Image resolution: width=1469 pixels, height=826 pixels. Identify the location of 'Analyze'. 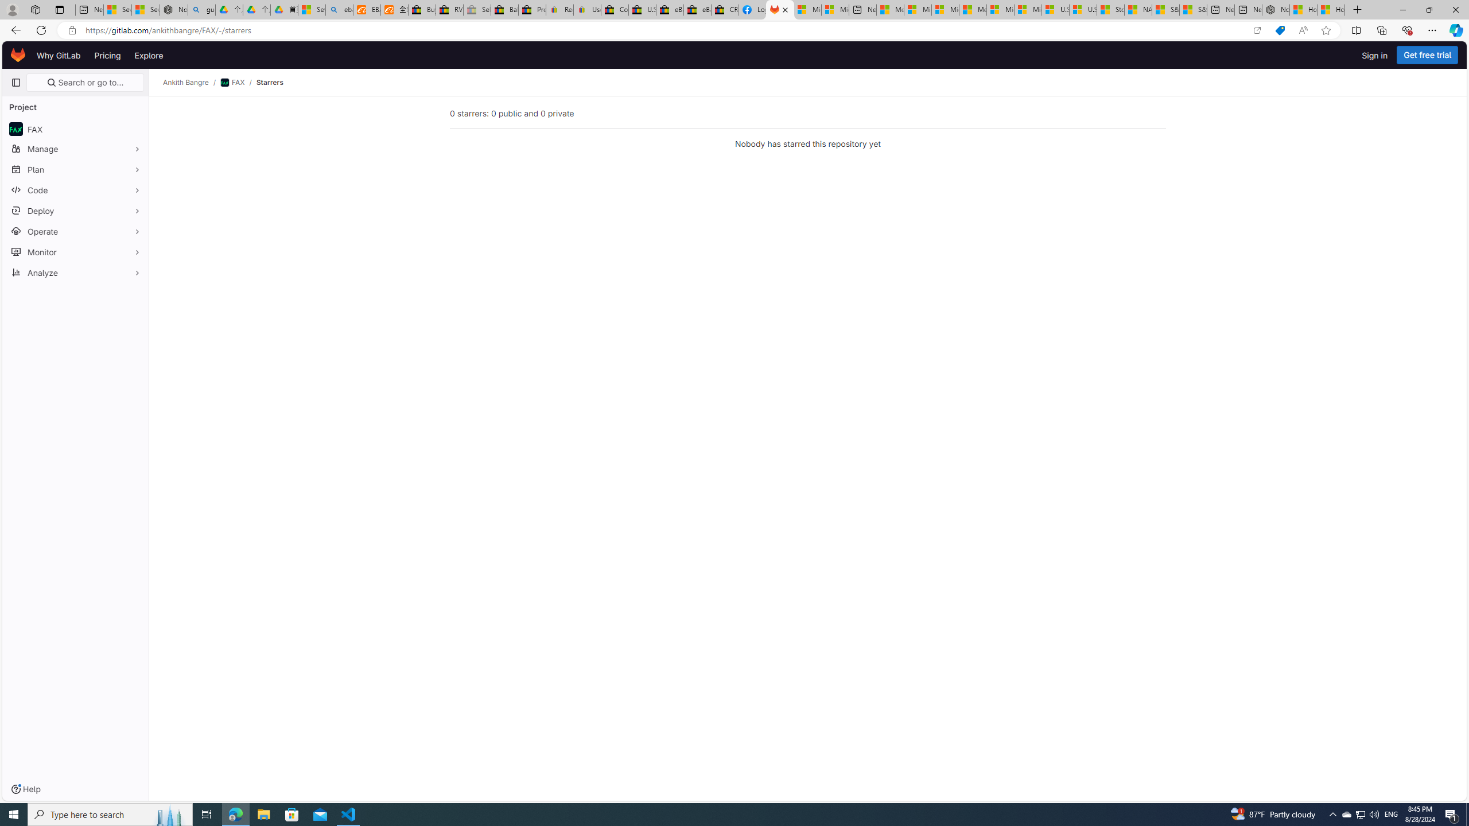
(75, 272).